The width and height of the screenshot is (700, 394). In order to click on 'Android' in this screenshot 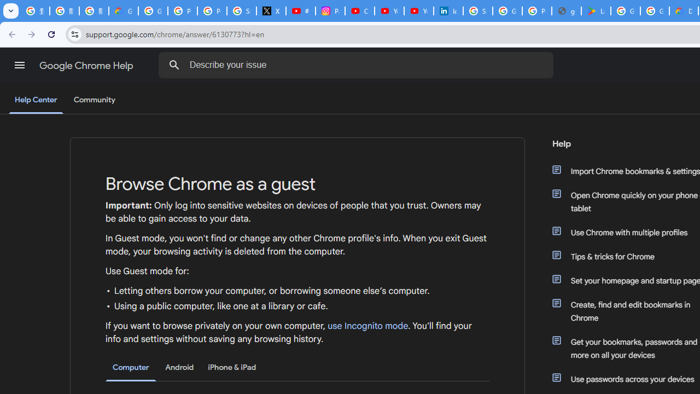, I will do `click(179, 367)`.